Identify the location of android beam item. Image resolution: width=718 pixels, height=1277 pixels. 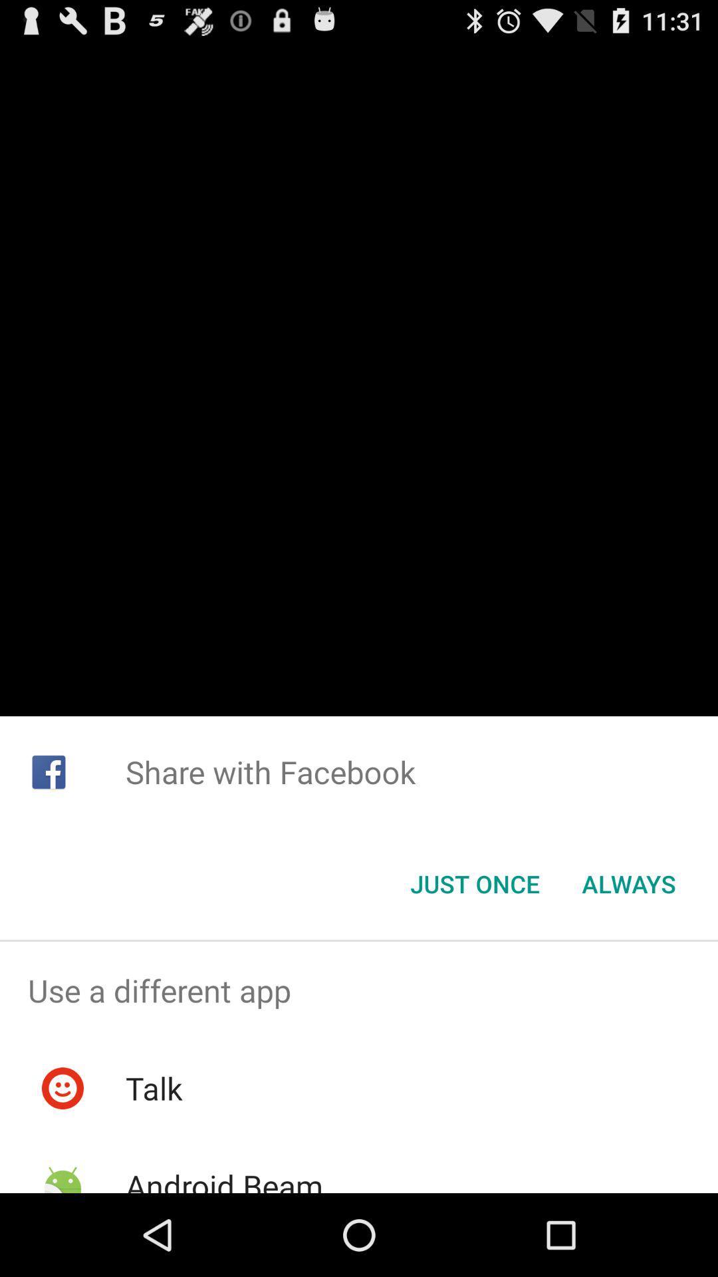
(223, 1179).